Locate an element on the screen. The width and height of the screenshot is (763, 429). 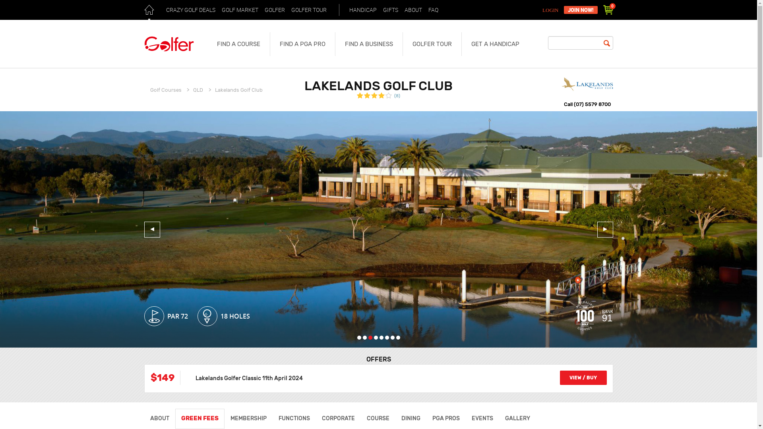
'2' is located at coordinates (364, 337).